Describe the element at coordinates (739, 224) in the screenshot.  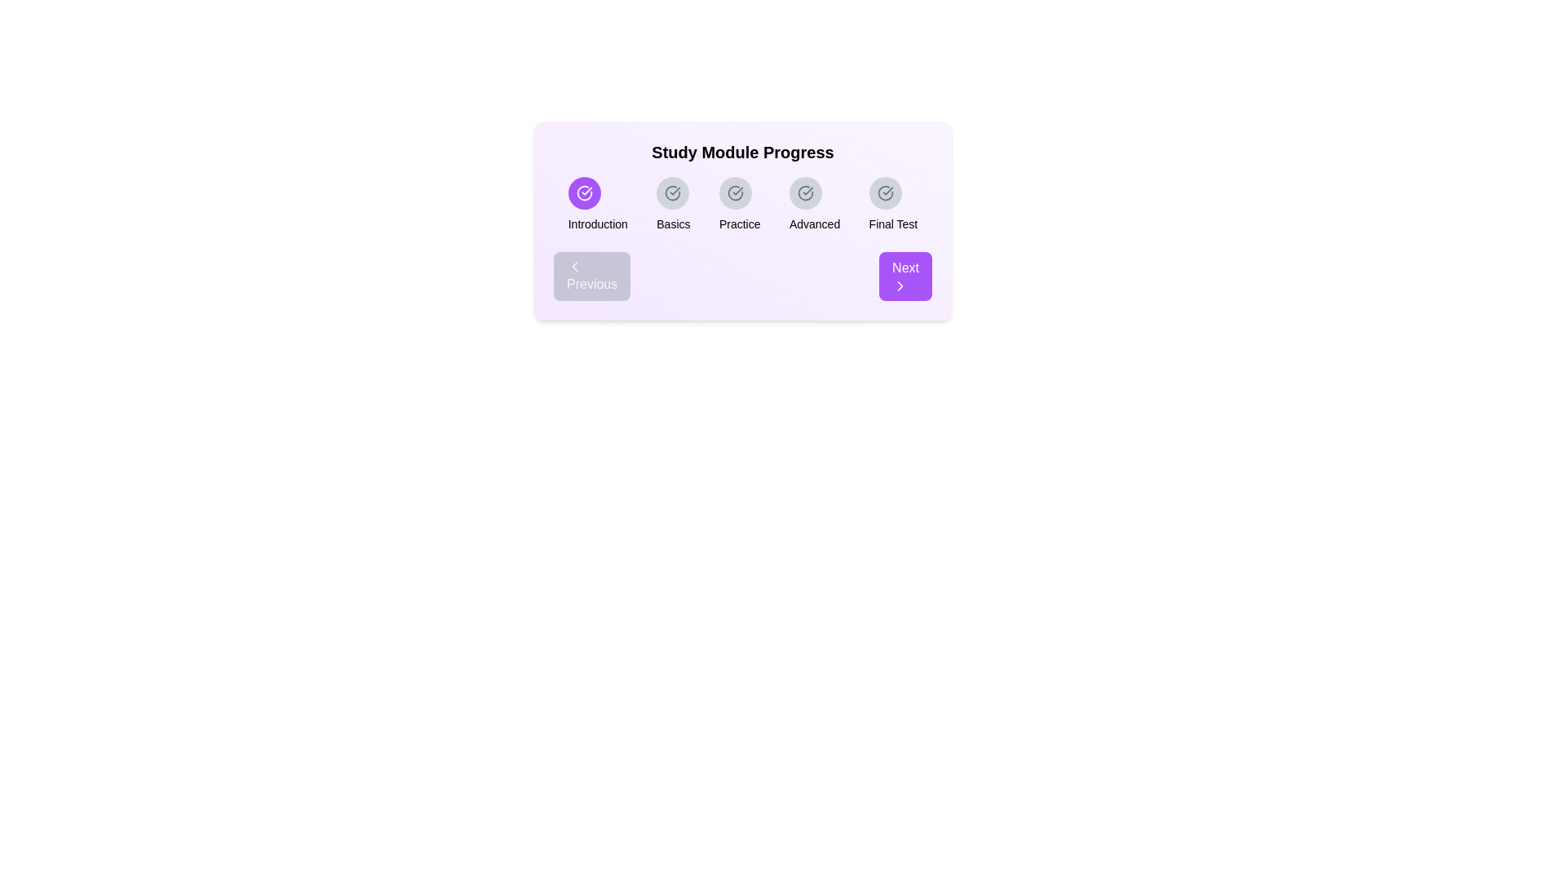
I see `text label displaying 'Practice', which is the third item in a horizontal series of text labels in a progress tracker, positioned centrally below a circular checkmark icon` at that location.